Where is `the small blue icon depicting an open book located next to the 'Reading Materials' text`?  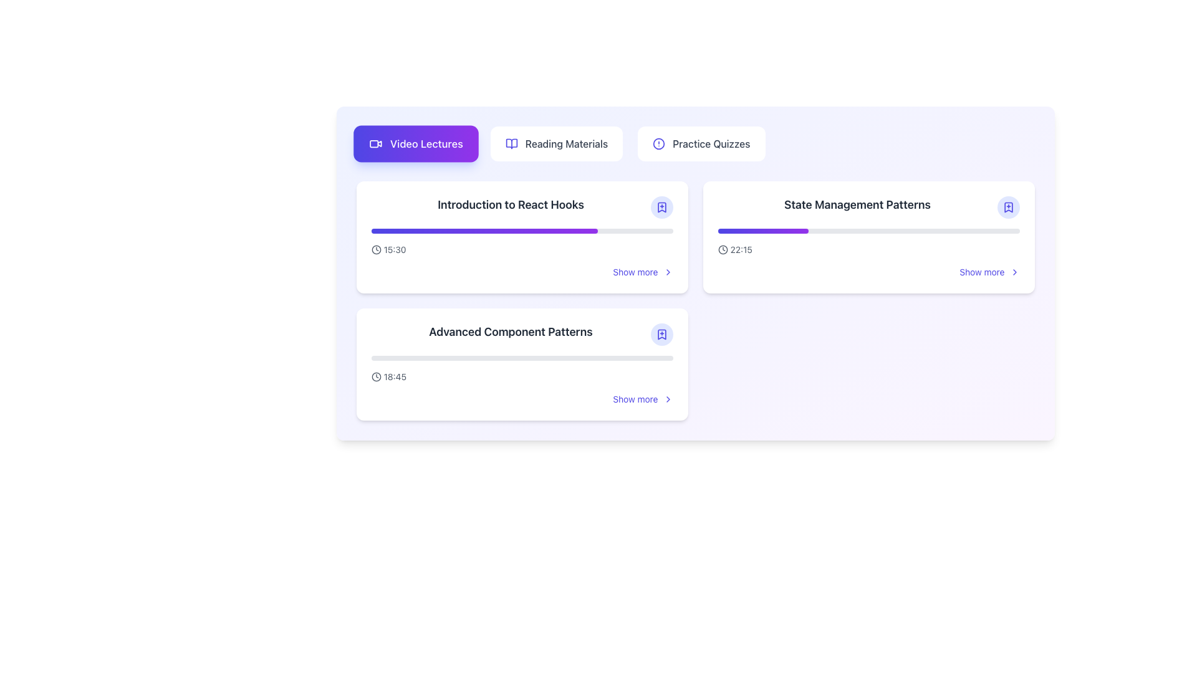 the small blue icon depicting an open book located next to the 'Reading Materials' text is located at coordinates (511, 143).